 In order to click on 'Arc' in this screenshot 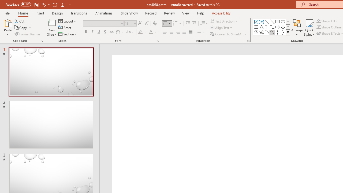, I will do `click(267, 32)`.